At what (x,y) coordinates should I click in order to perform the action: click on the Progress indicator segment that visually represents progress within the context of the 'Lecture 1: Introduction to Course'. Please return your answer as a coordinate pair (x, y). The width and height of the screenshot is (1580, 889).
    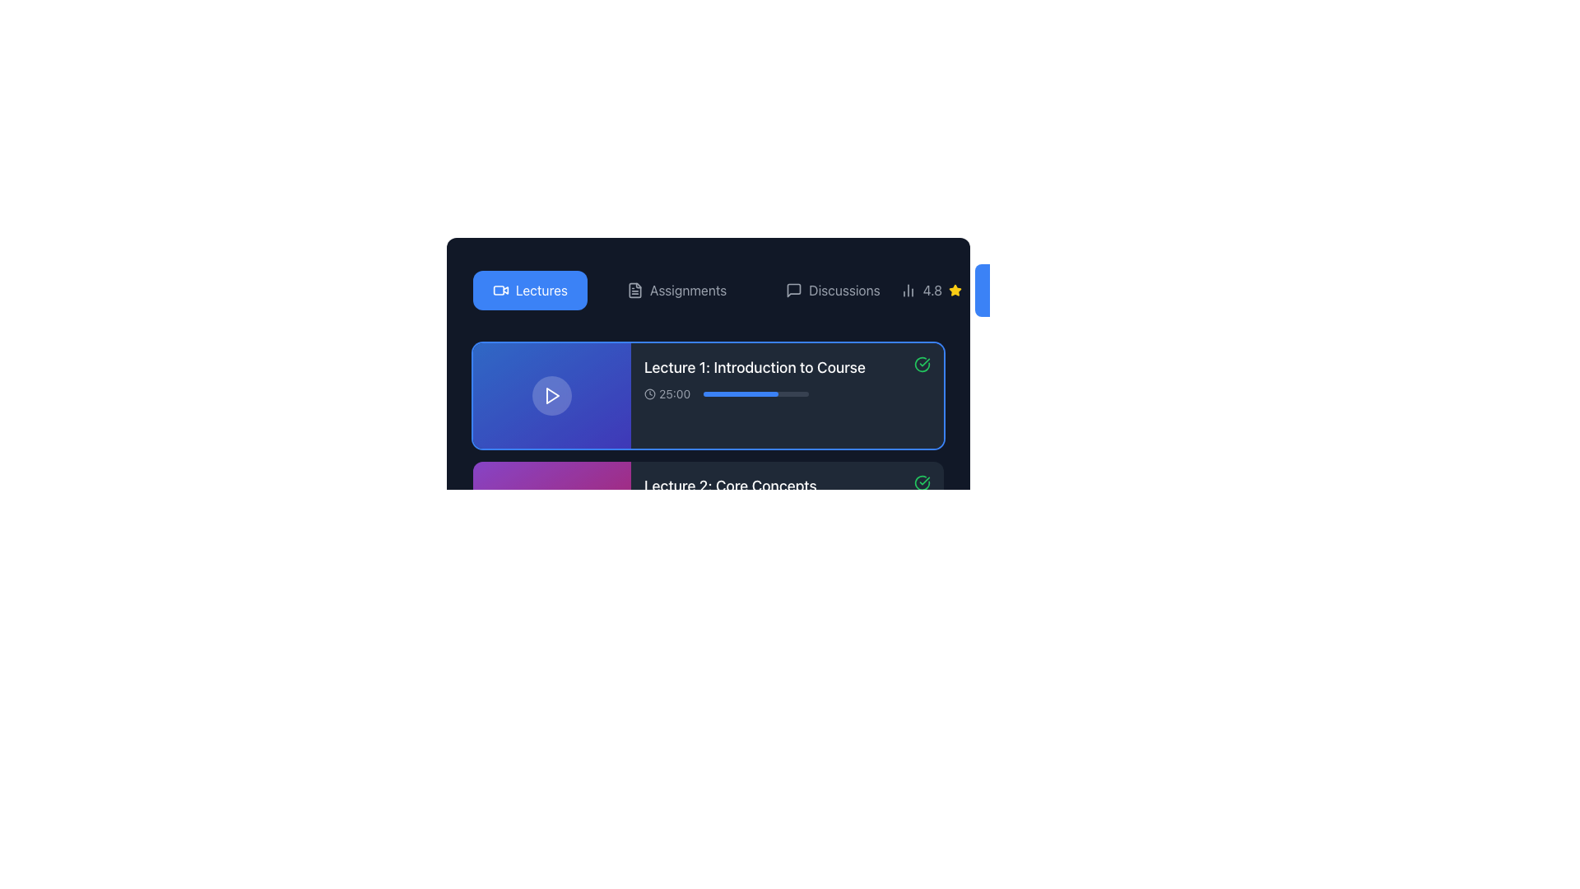
    Looking at the image, I should click on (749, 512).